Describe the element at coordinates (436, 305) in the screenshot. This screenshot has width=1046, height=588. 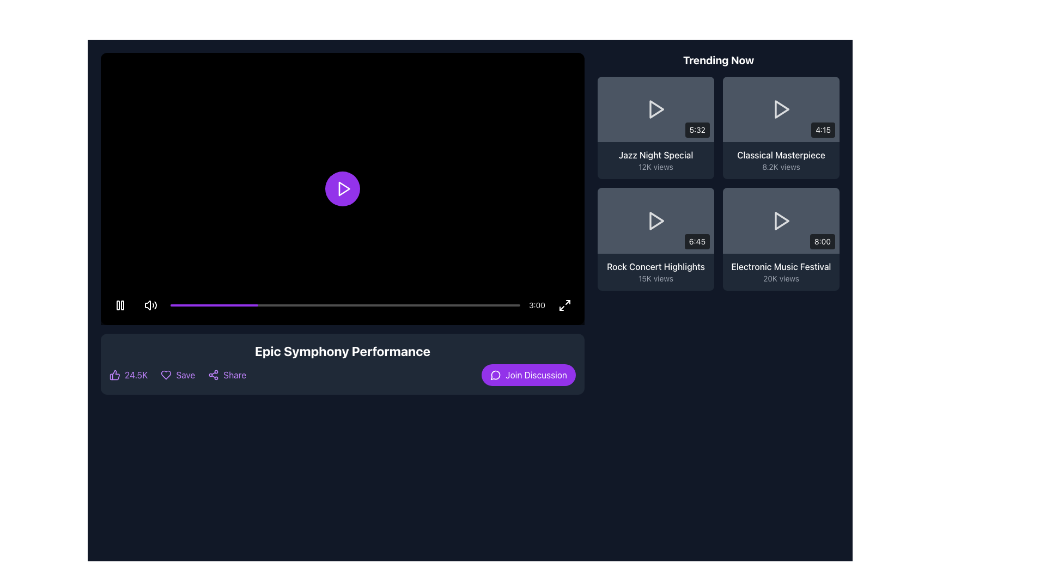
I see `the video playback progress` at that location.